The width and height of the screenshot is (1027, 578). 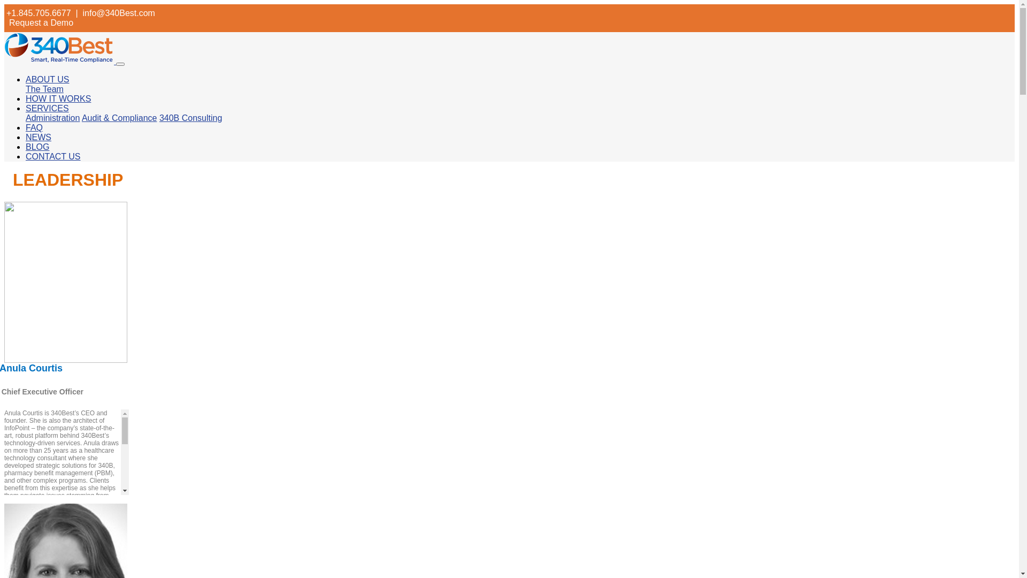 What do you see at coordinates (190, 118) in the screenshot?
I see `'340B Consulting'` at bounding box center [190, 118].